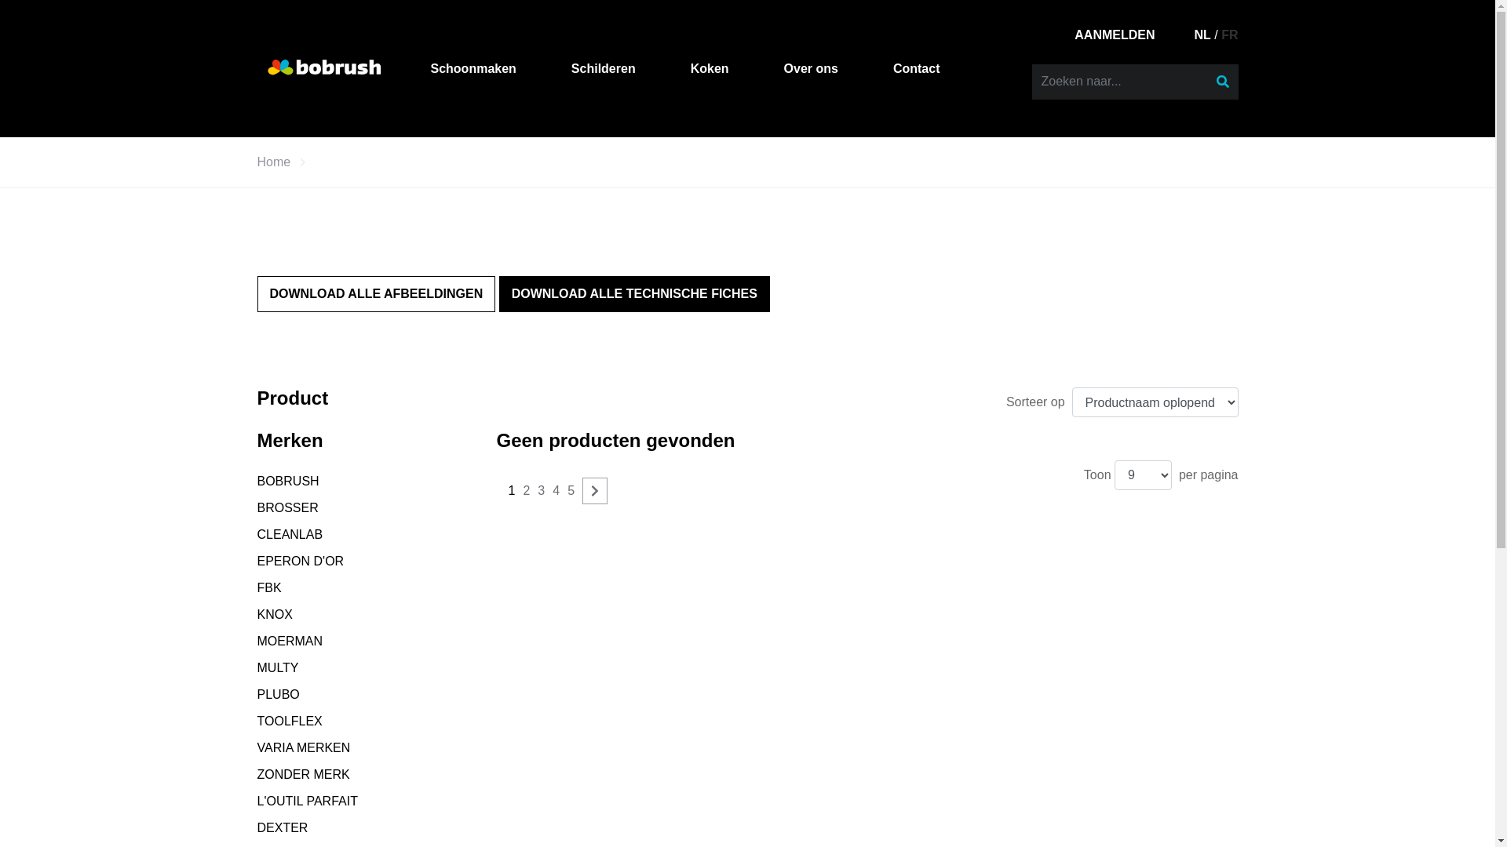 The width and height of the screenshot is (1507, 847). Describe the element at coordinates (1114, 34) in the screenshot. I see `'AANMELDEN'` at that location.